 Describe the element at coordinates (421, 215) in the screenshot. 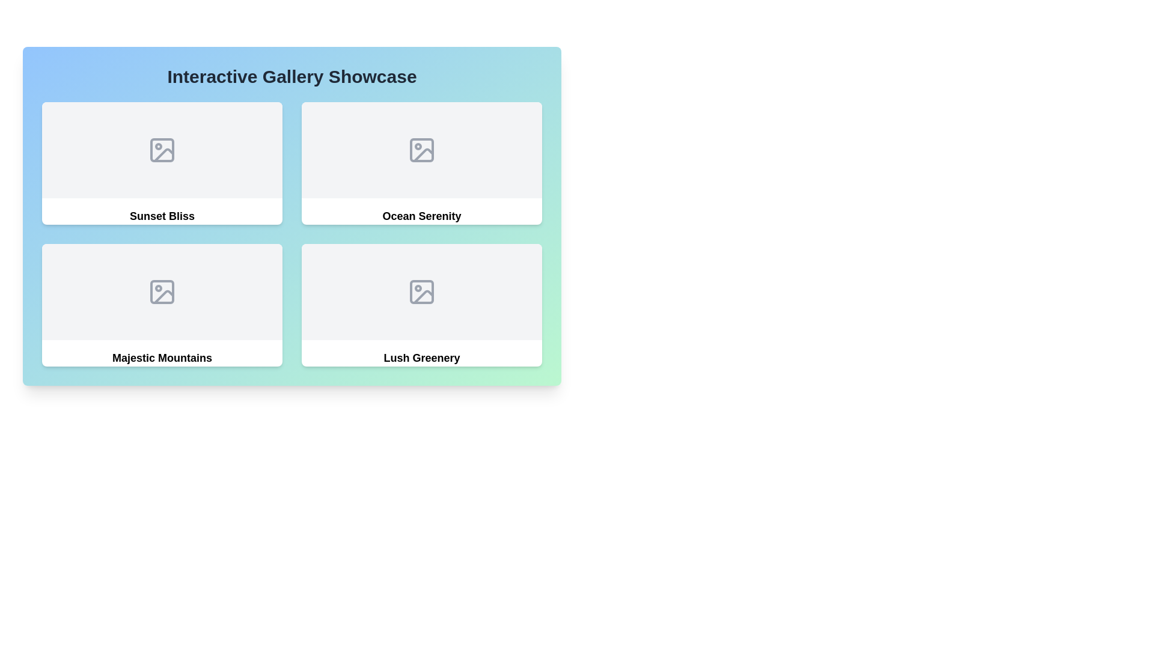

I see `the text element that says 'Ocean Serenity', which is styled with a semibold font weight and located in the top-right position of the white card-like component` at that location.